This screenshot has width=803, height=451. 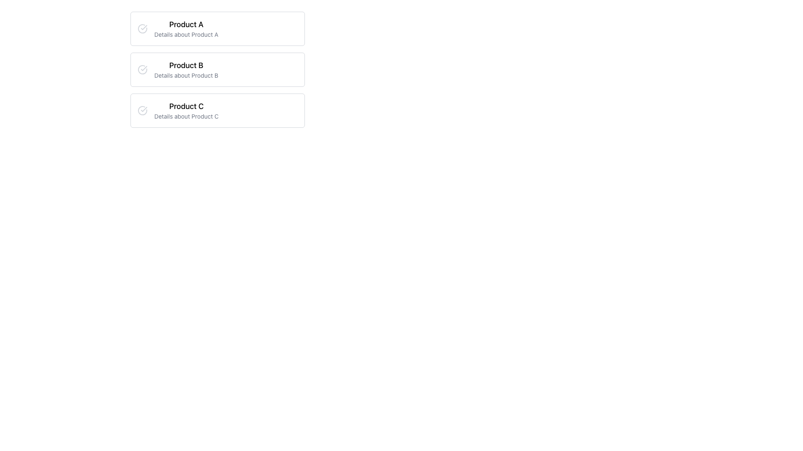 I want to click on the text label that reads 'Product A', which is styled in bold or larger font and is the main label of the first product in the vertical list, so click(x=186, y=24).